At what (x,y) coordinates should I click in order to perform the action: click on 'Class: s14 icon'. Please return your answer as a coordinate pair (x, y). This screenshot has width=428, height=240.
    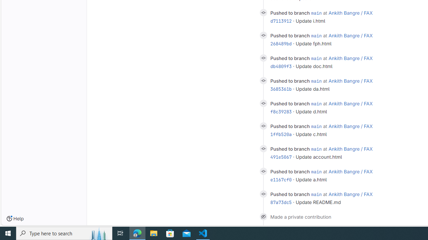
    Looking at the image, I should click on (263, 216).